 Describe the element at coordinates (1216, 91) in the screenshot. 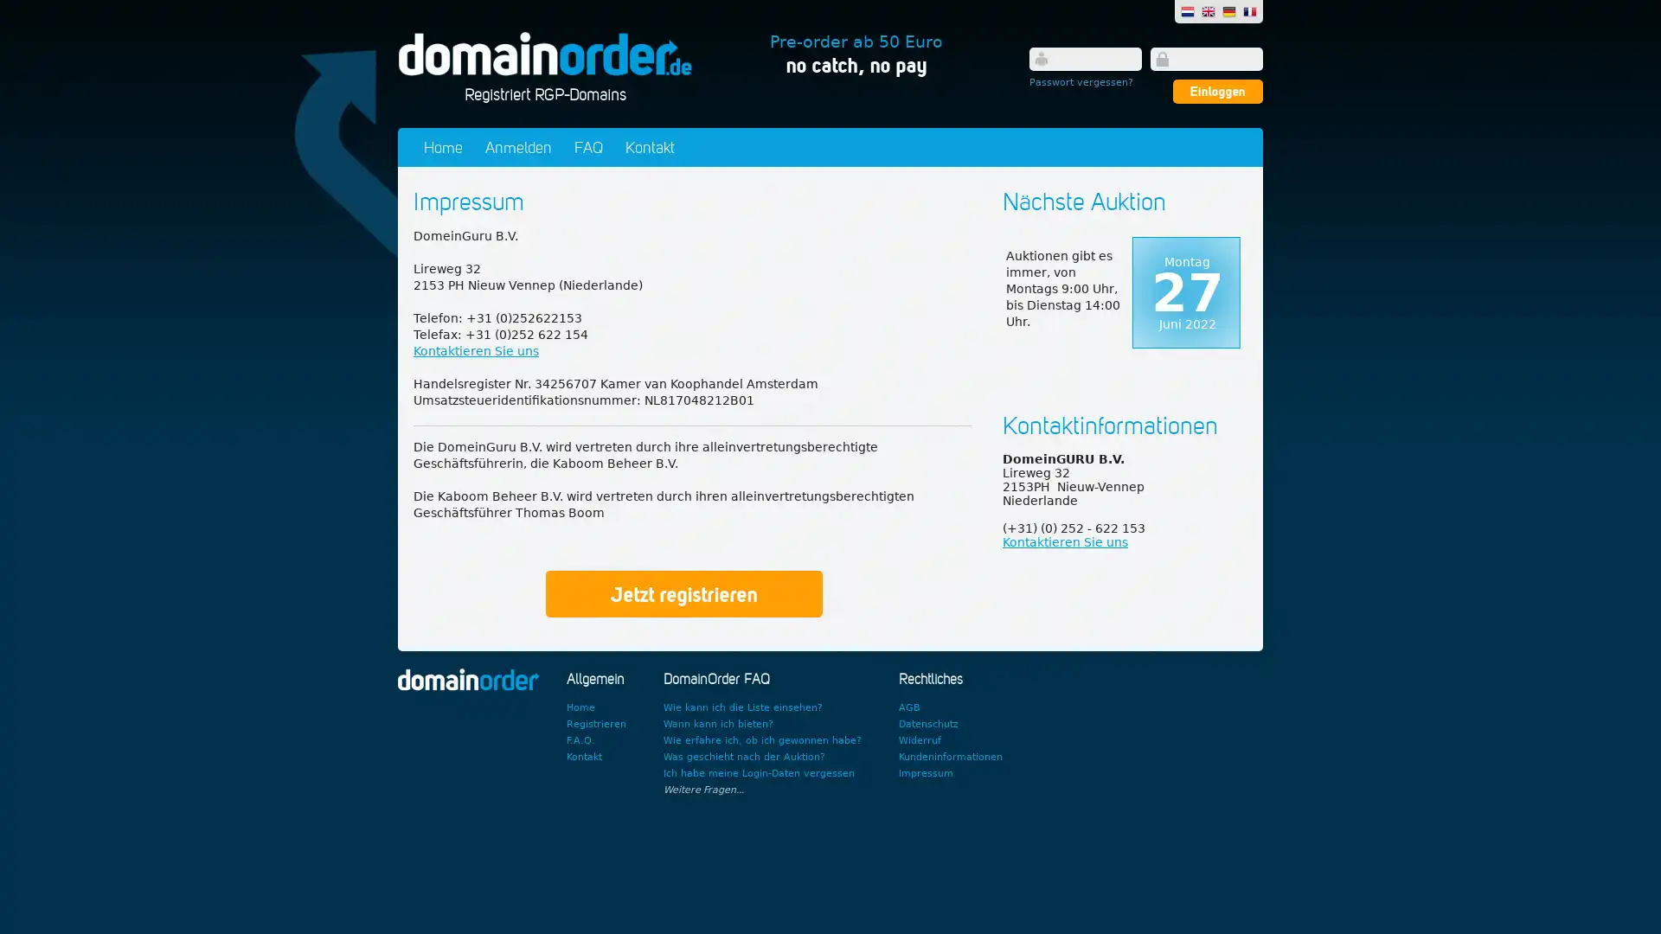

I see `Einloggen` at that location.